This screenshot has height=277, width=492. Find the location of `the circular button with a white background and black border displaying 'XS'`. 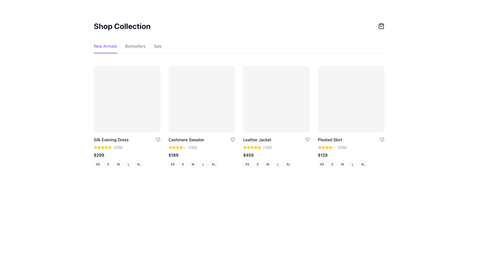

the circular button with a white background and black border displaying 'XS' is located at coordinates (172, 164).